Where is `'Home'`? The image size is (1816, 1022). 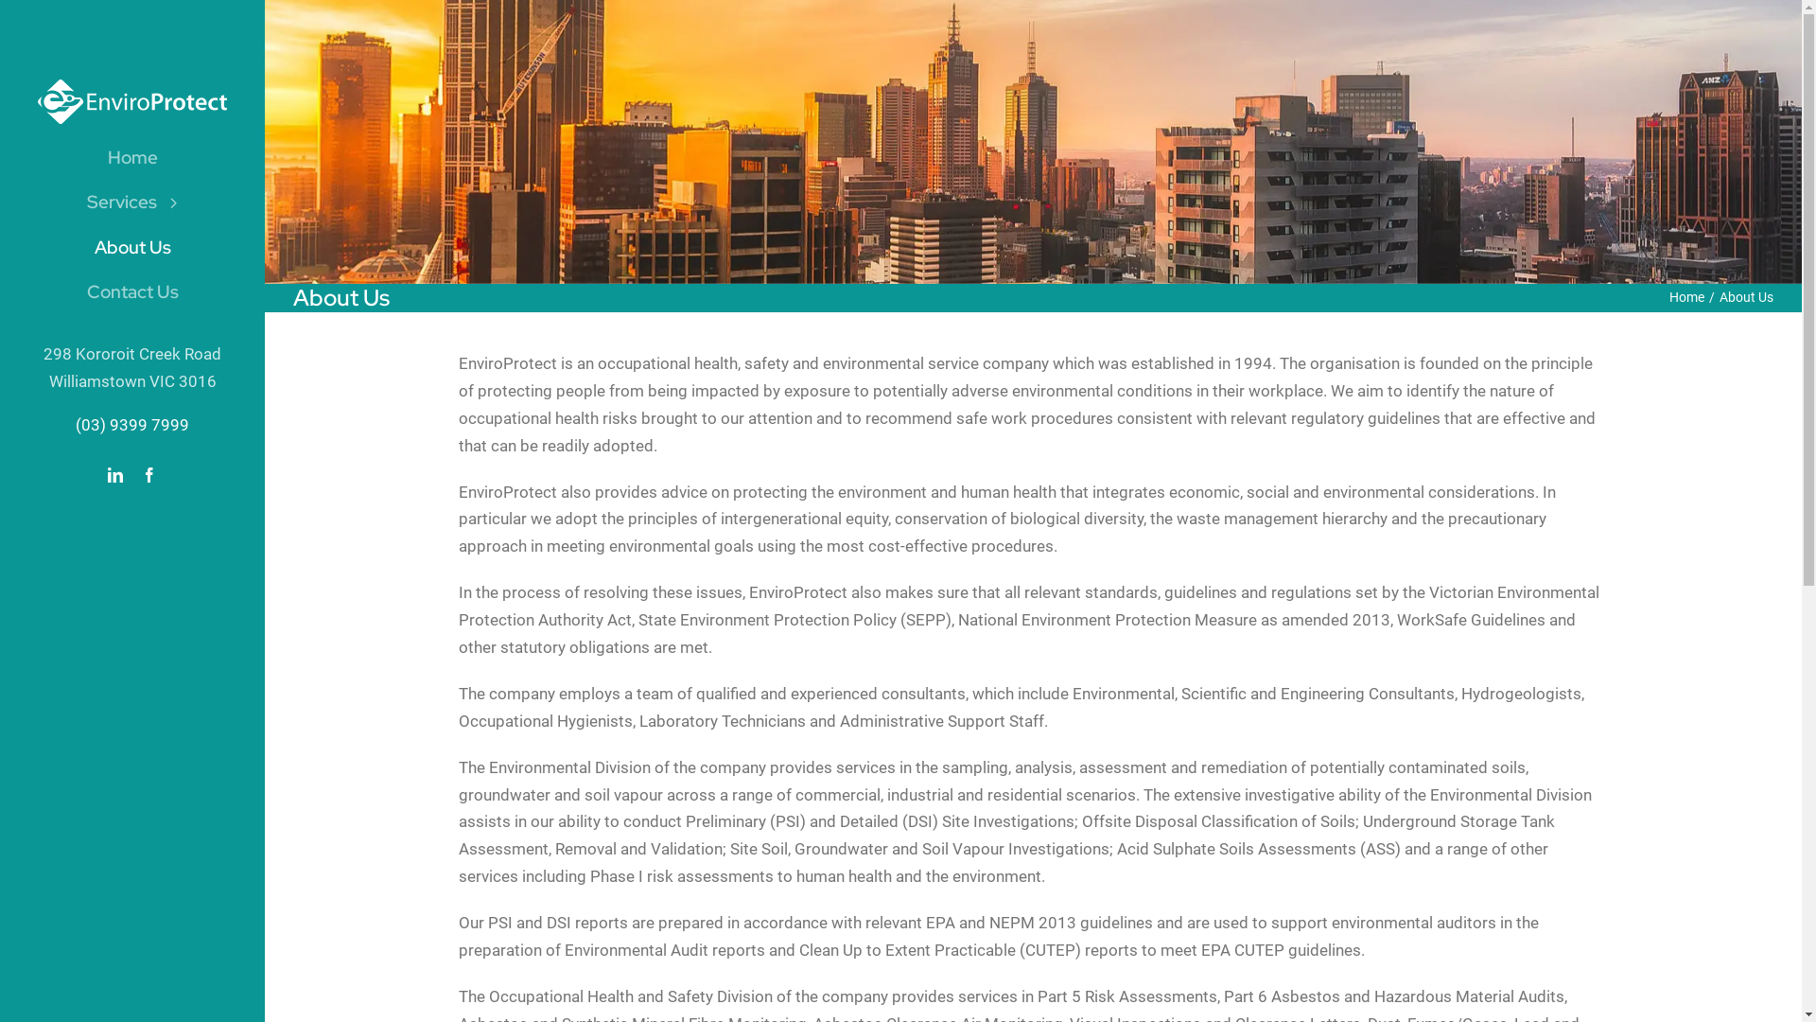 'Home' is located at coordinates (131, 156).